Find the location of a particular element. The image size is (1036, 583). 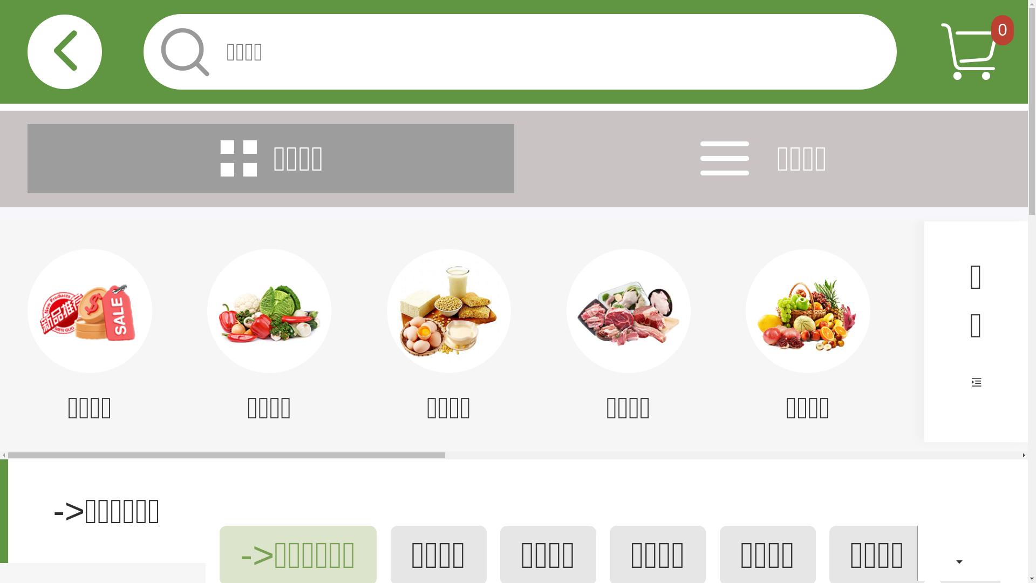

'0' is located at coordinates (991, 30).